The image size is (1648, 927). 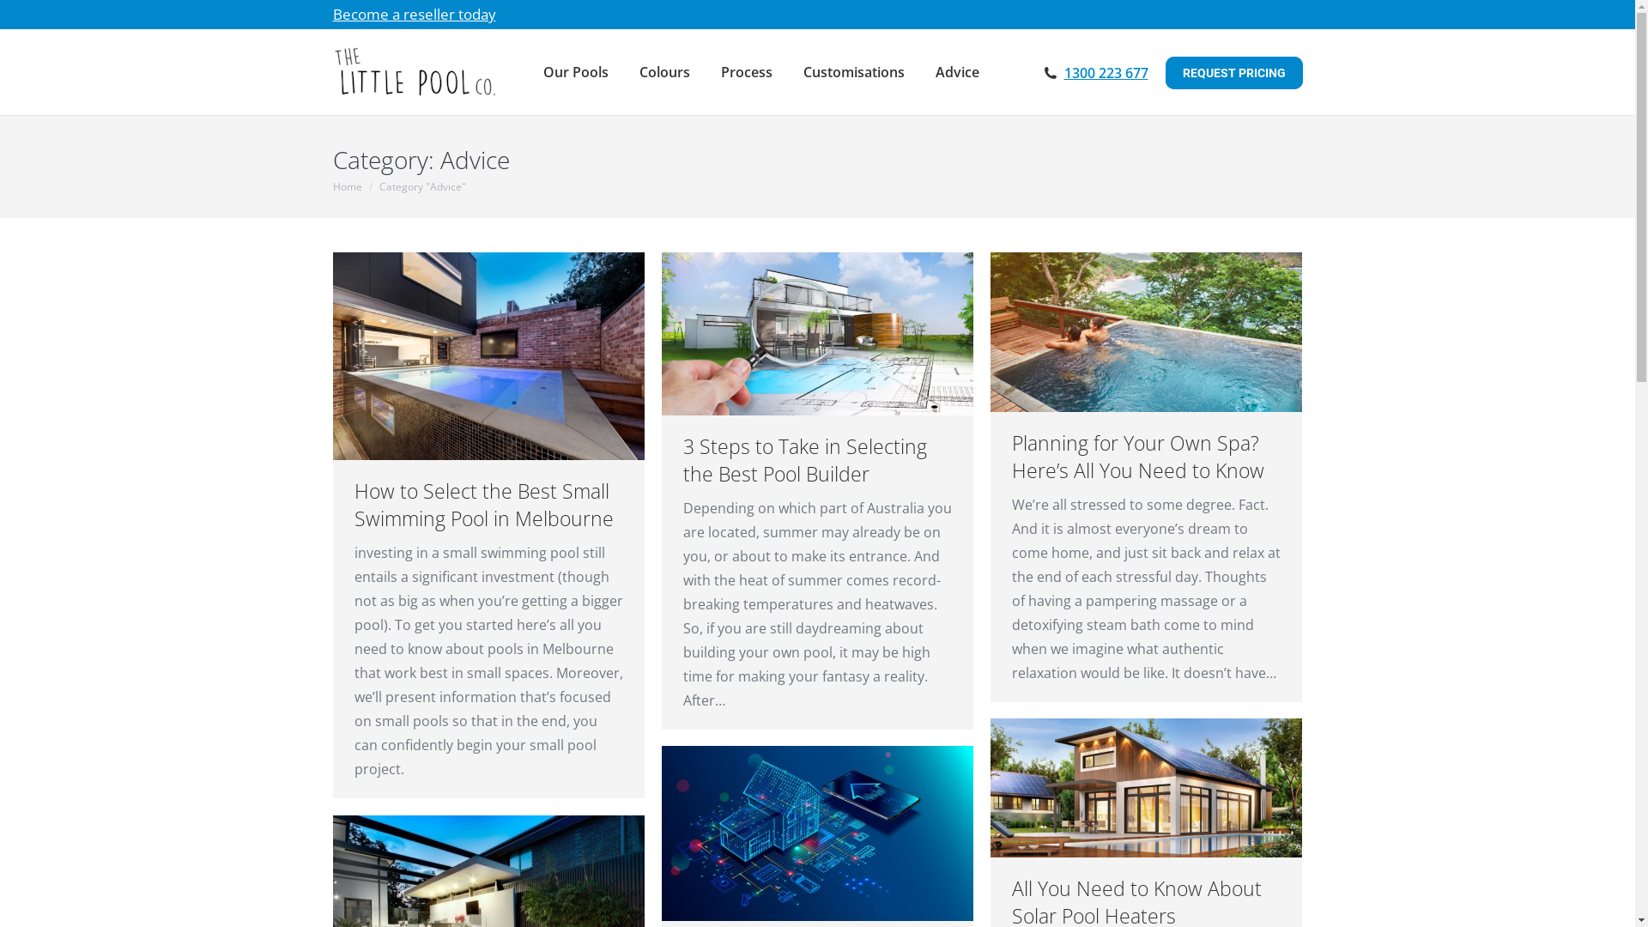 What do you see at coordinates (1146, 788) in the screenshot?
I see `'Solar pool heating'` at bounding box center [1146, 788].